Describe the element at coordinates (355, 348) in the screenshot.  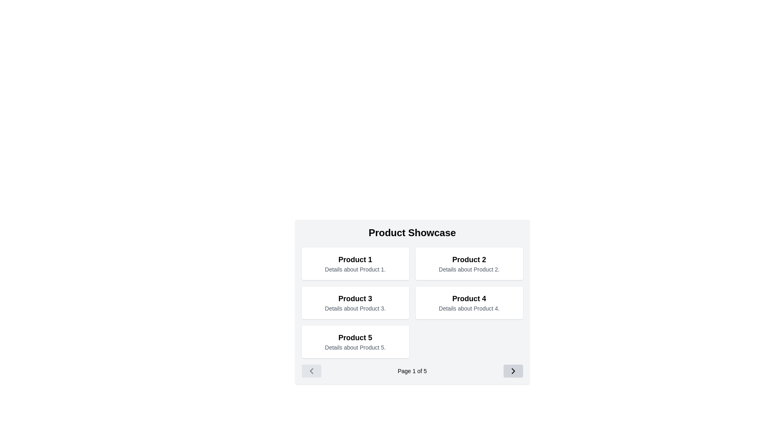
I see `the descriptive text providing details about 'Product 5', which is positioned below the title 'Product 5' in the bottom left card of a 2x3 grid` at that location.